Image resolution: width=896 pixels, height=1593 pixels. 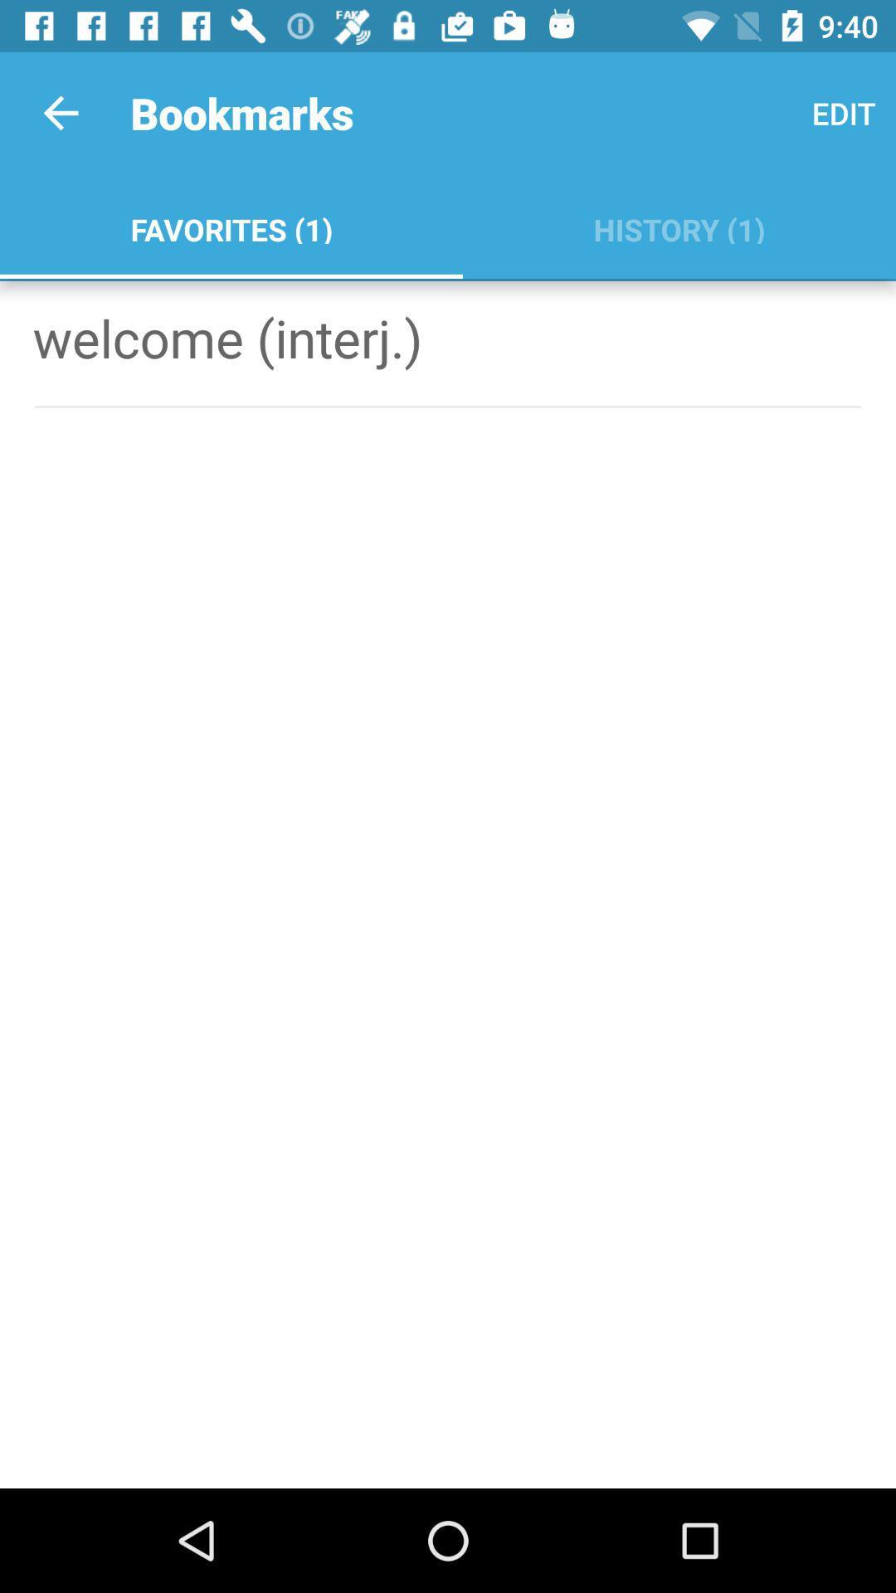 I want to click on the icon next to the bookmarks item, so click(x=60, y=112).